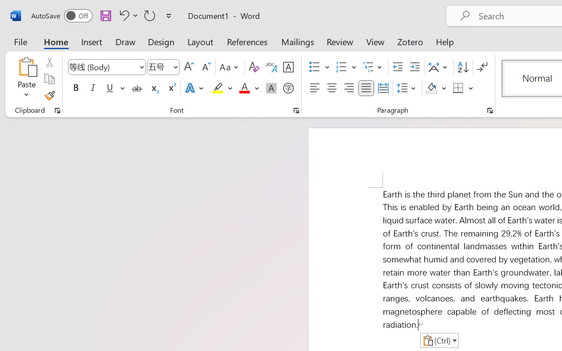 Image resolution: width=562 pixels, height=351 pixels. Describe the element at coordinates (407, 88) in the screenshot. I see `'Line and Paragraph Spacing'` at that location.